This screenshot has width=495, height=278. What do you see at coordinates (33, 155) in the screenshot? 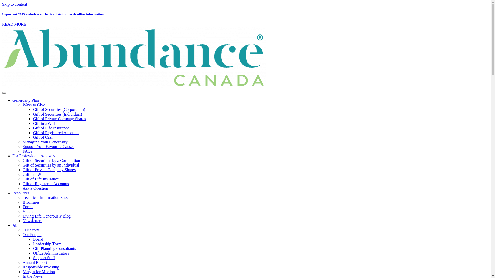
I see `'For Professional Advisors'` at bounding box center [33, 155].